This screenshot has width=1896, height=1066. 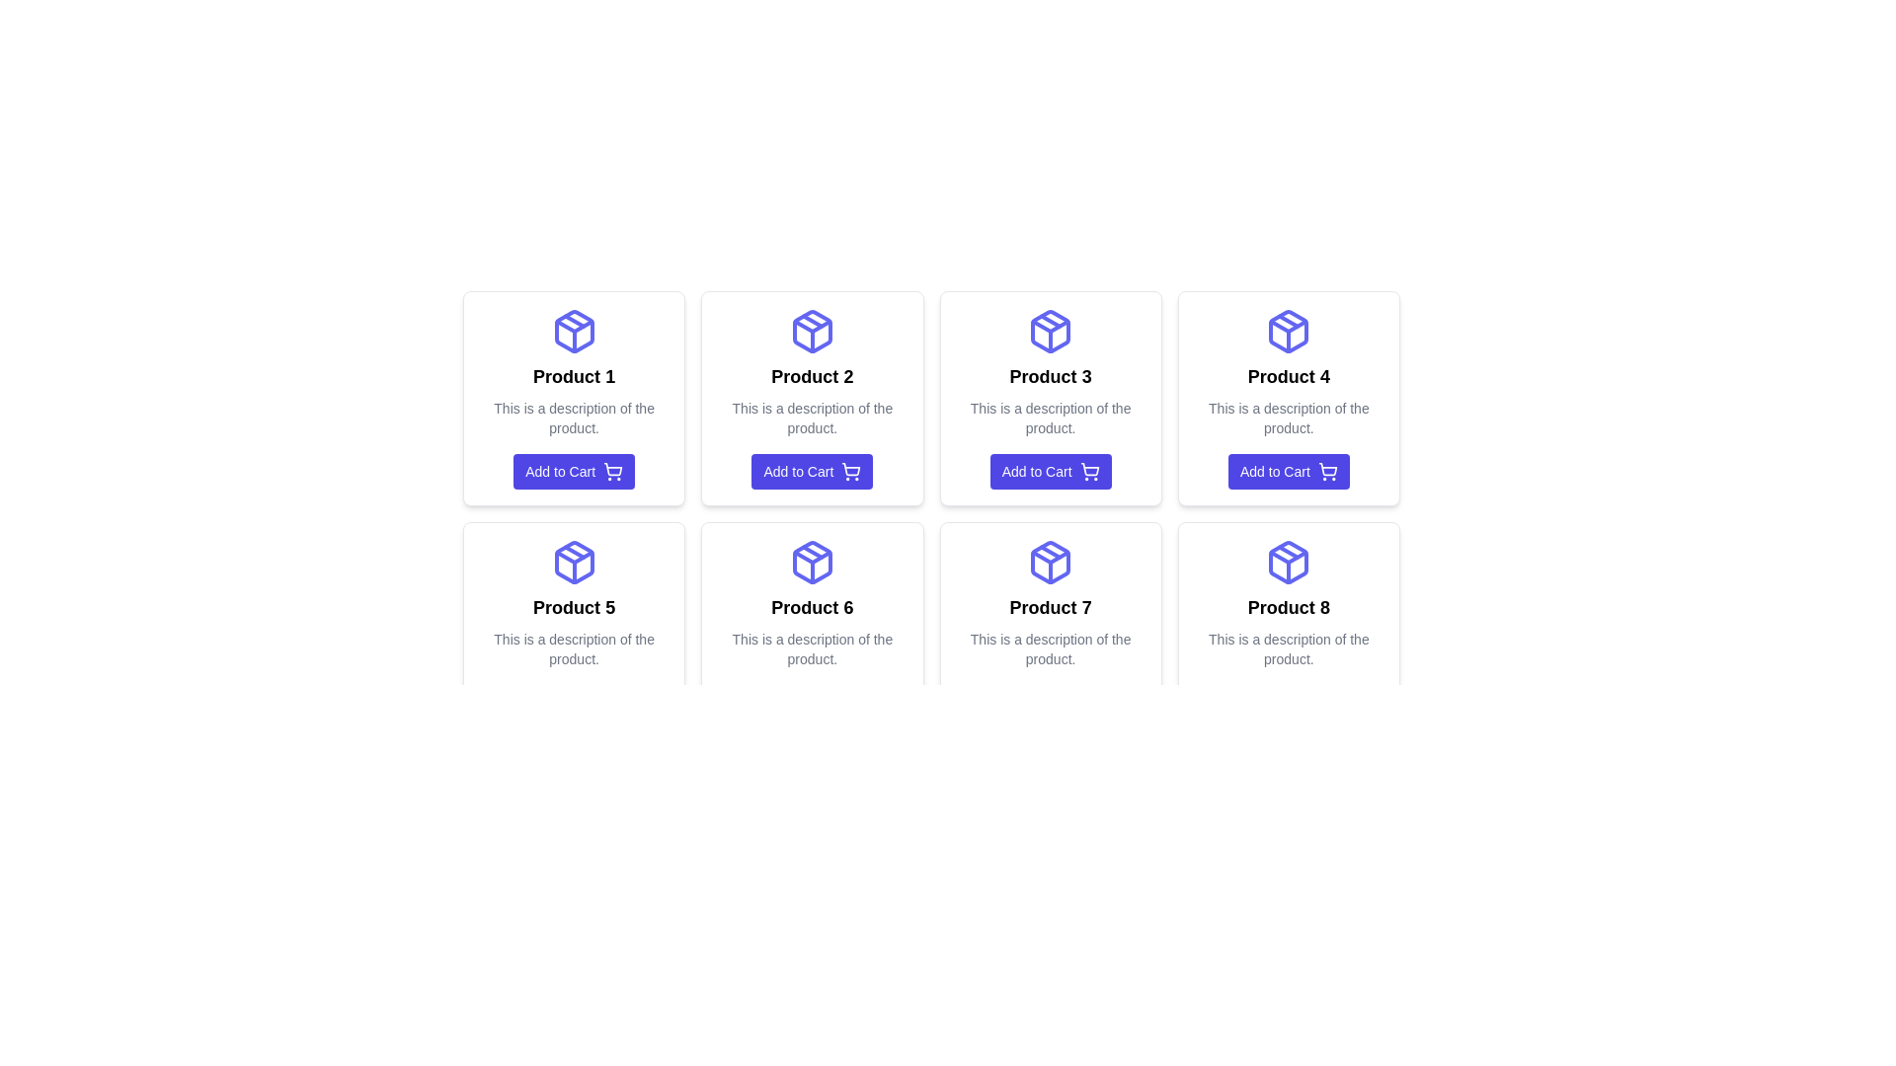 I want to click on the decorative package icon for 'Product 3', positioned at the top center of the product card, so click(x=1050, y=330).